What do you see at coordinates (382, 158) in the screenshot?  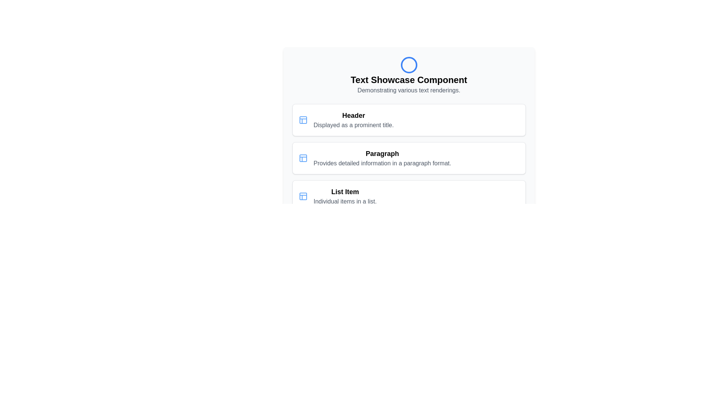 I see `the static text block labeled 'Paragraph' that provides detailed information in a paragraph format` at bounding box center [382, 158].